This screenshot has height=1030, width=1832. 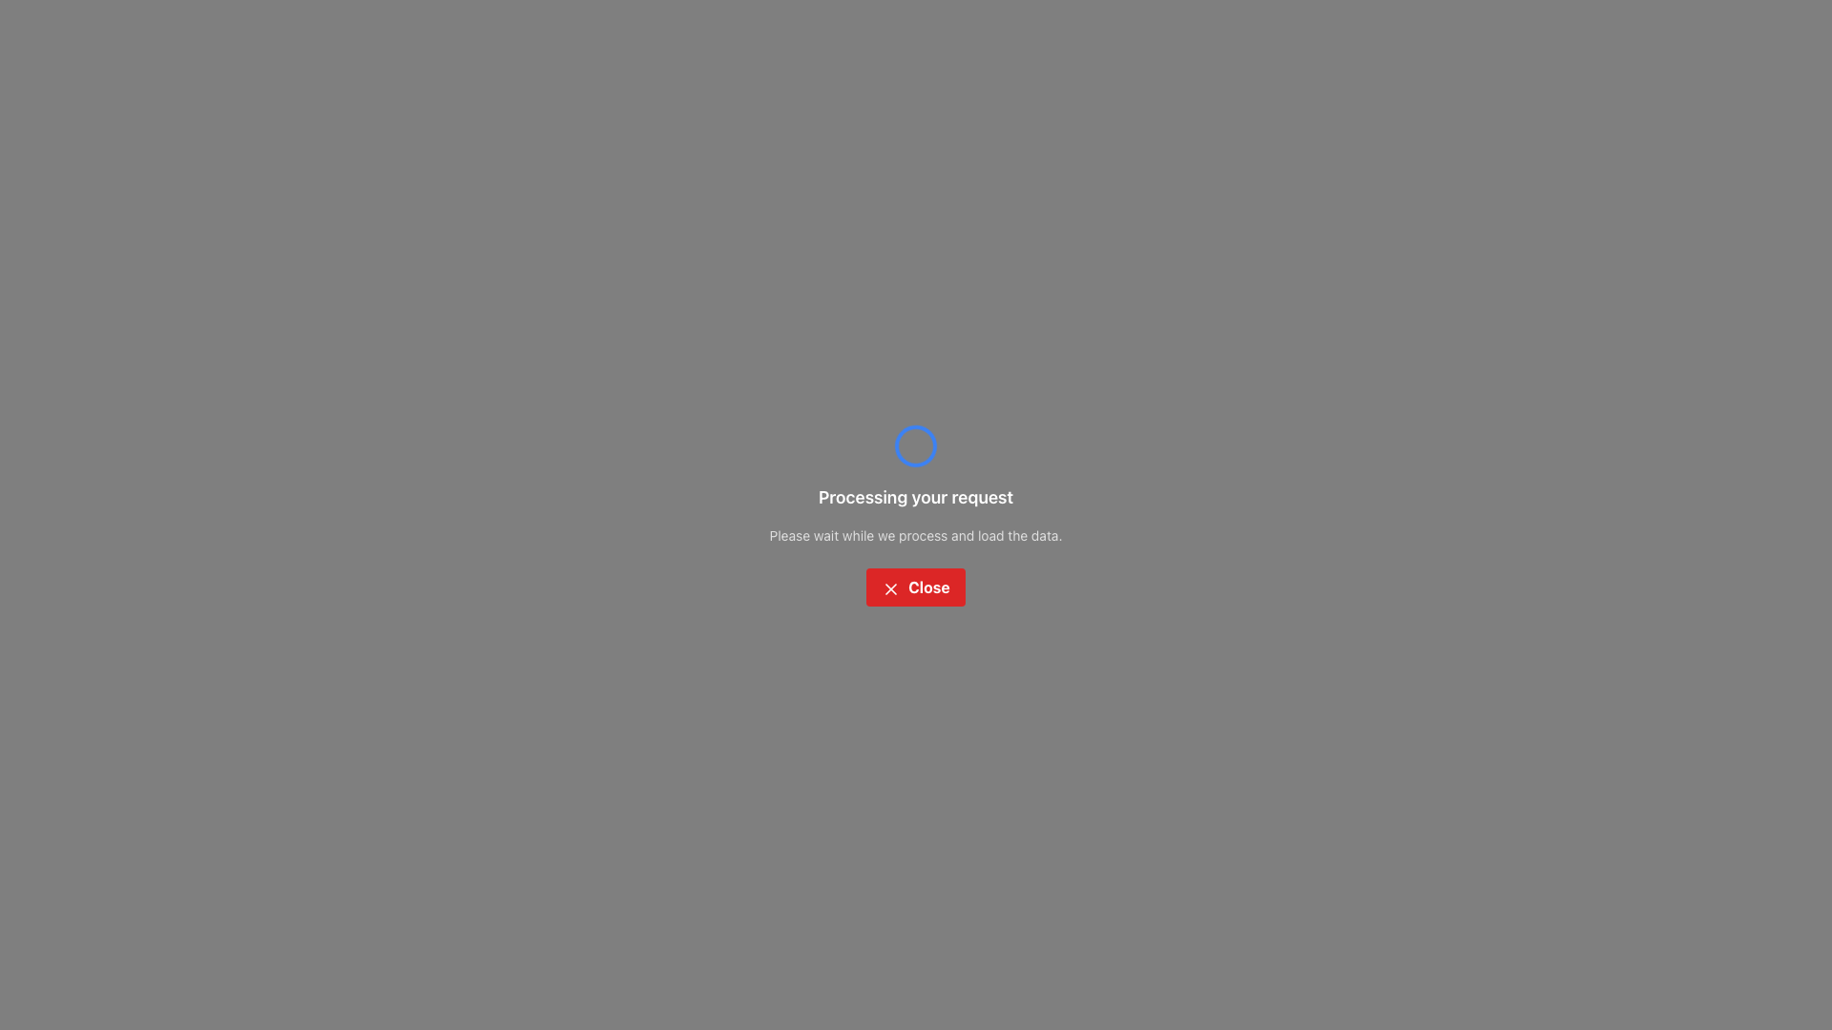 I want to click on the red 'Close' button with white text and an 'X' icon, so click(x=916, y=587).